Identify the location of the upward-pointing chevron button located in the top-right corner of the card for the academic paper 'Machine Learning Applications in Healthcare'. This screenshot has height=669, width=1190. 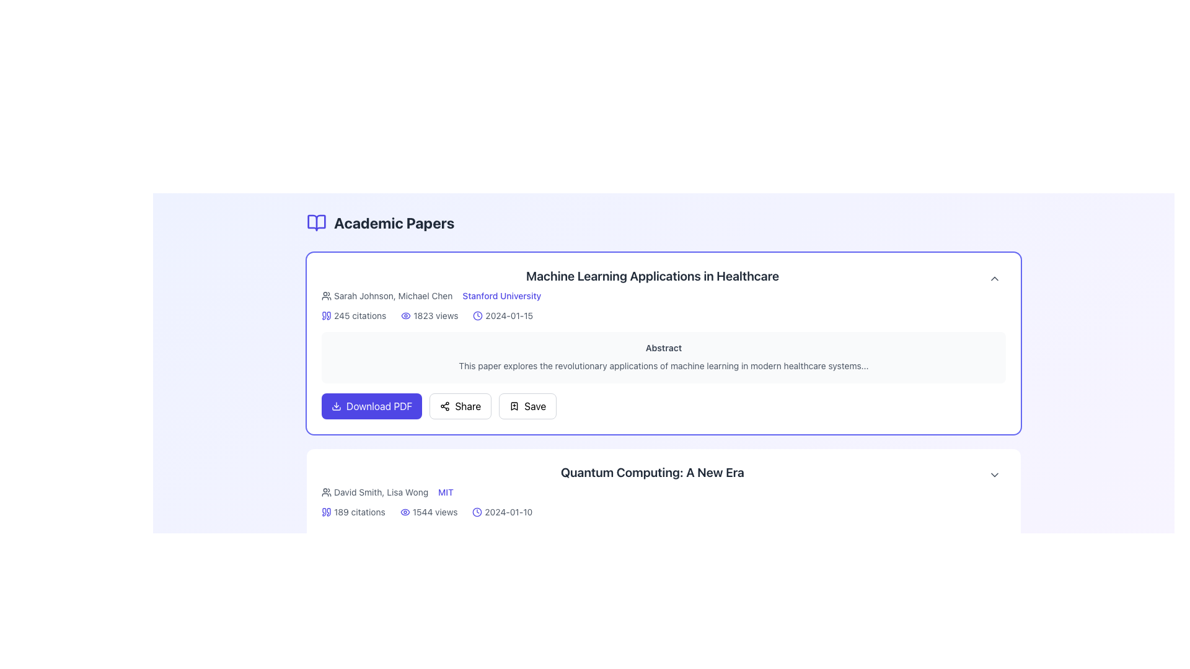
(994, 279).